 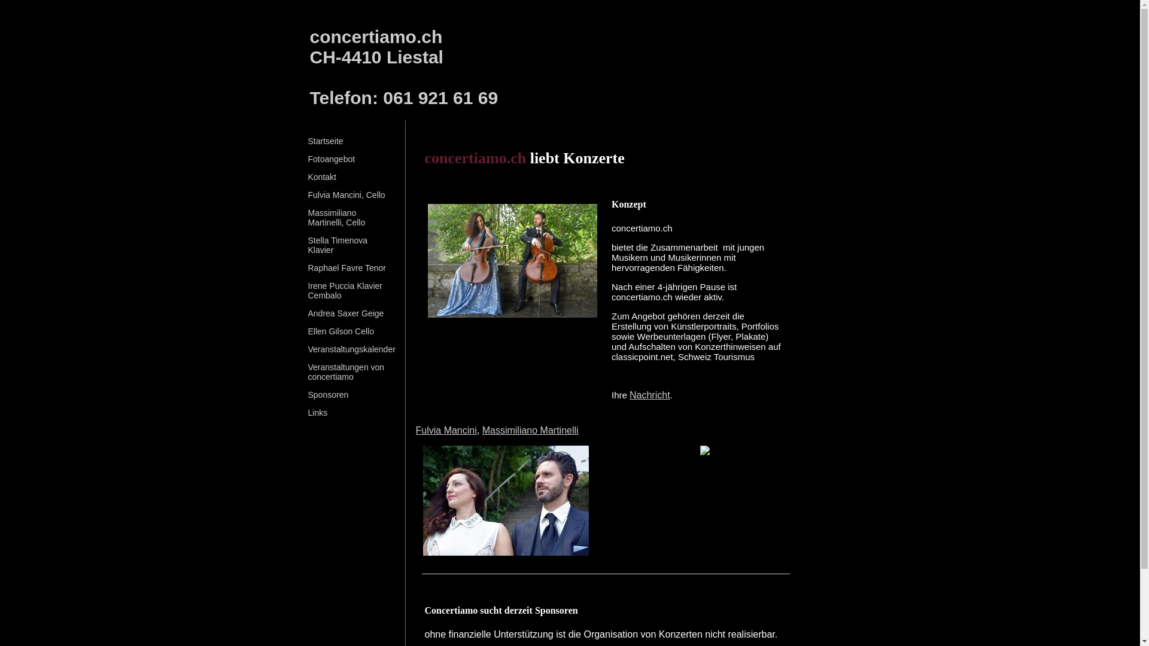 I want to click on 'Ellen Gilson Cello', so click(x=340, y=335).